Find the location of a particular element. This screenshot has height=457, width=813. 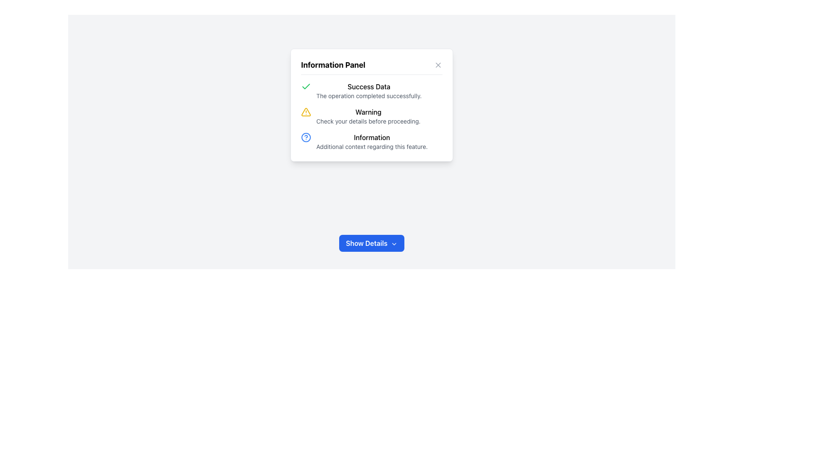

the icon in the third informational text section within the 'Information Panel' is located at coordinates (372, 141).